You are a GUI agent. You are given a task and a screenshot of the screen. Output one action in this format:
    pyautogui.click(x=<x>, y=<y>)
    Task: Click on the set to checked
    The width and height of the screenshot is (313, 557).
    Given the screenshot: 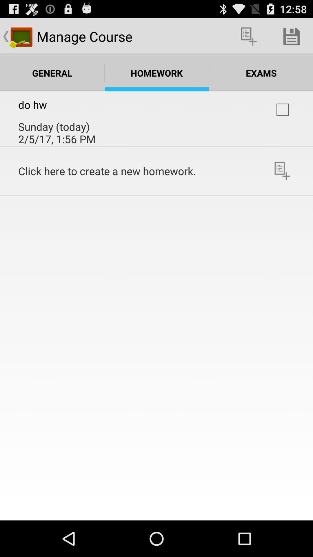 What is the action you would take?
    pyautogui.click(x=282, y=110)
    